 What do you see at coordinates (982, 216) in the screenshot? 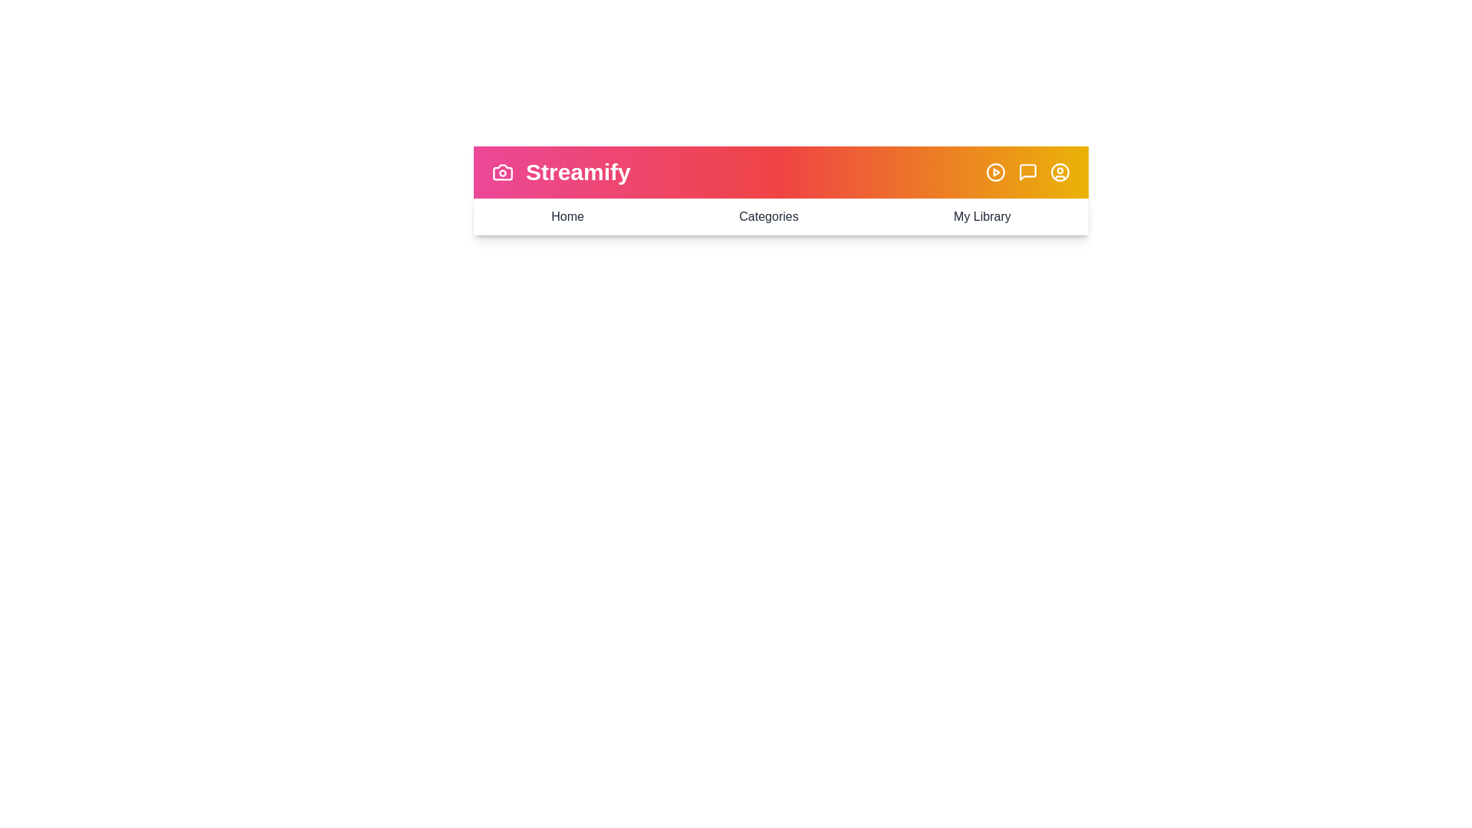
I see `the menu item labeled 'My Library'` at bounding box center [982, 216].